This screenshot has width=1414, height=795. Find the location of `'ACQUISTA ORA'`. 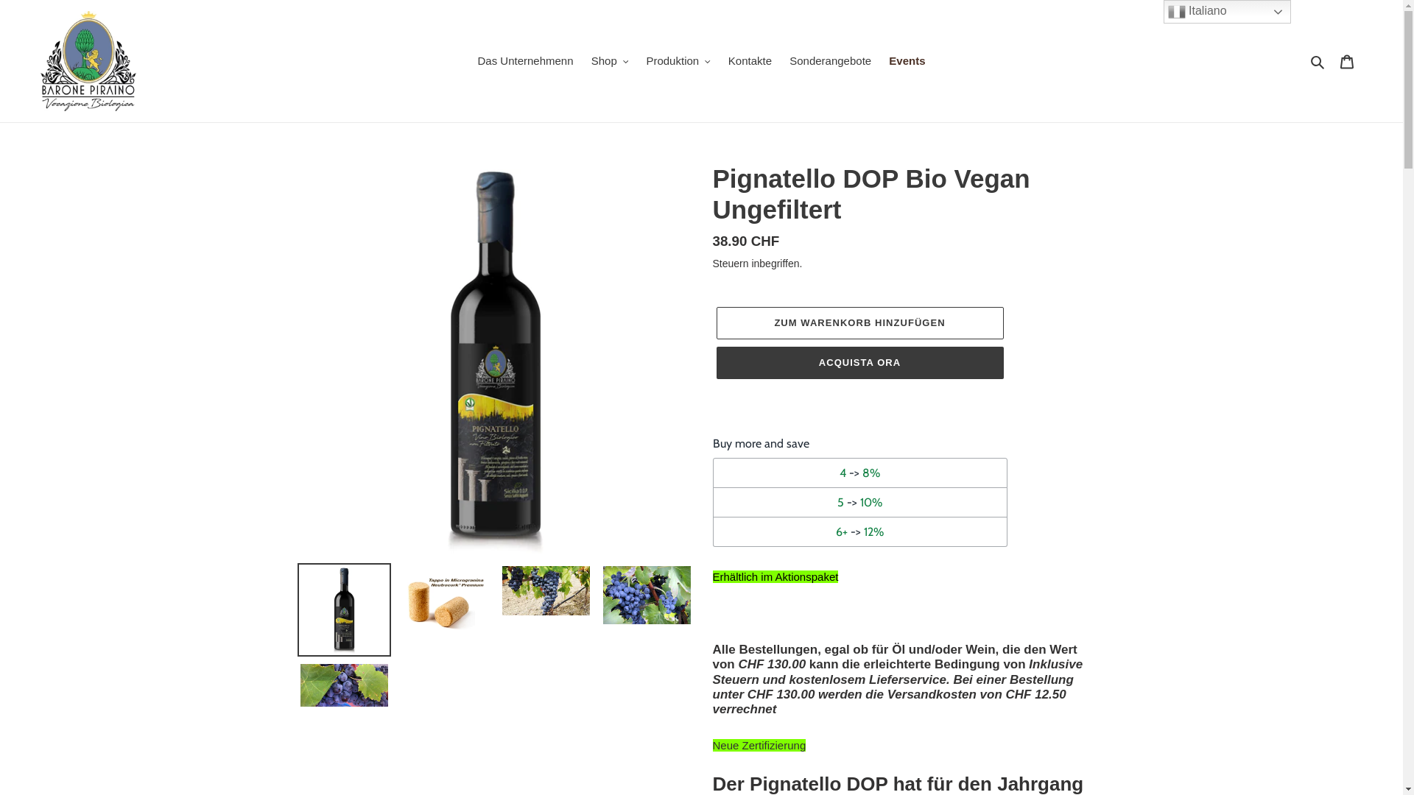

'ACQUISTA ORA' is located at coordinates (859, 363).